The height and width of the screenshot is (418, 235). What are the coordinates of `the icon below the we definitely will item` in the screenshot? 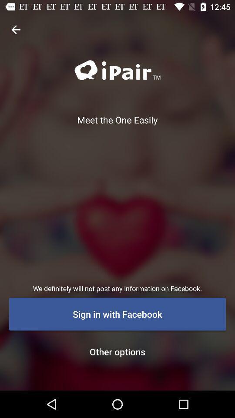 It's located at (117, 313).